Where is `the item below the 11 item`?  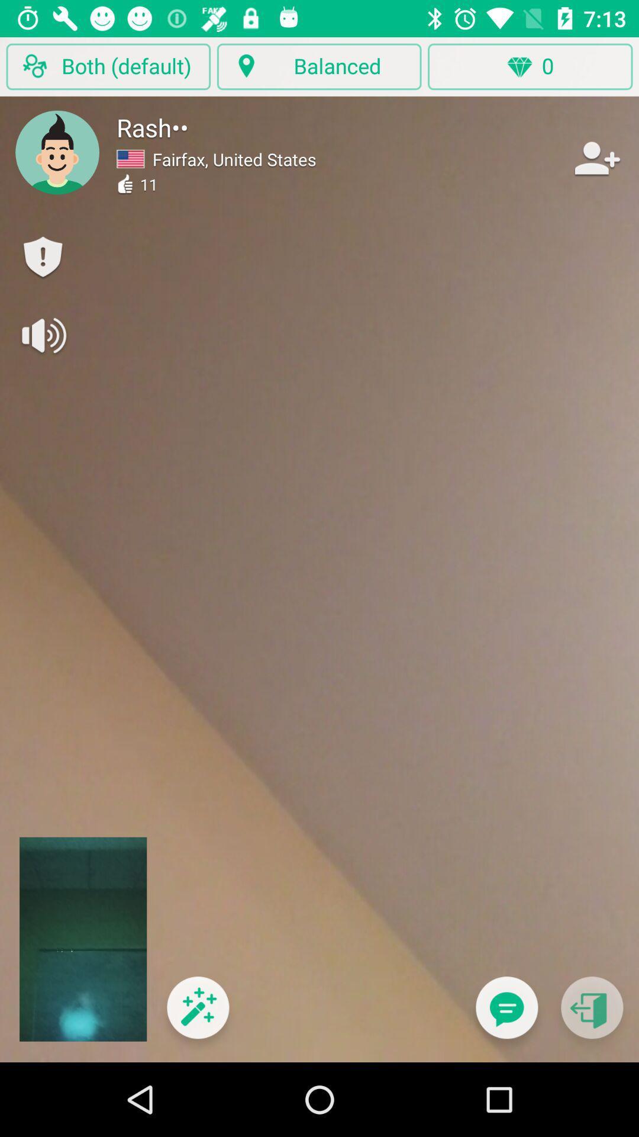
the item below the 11 item is located at coordinates (197, 1014).